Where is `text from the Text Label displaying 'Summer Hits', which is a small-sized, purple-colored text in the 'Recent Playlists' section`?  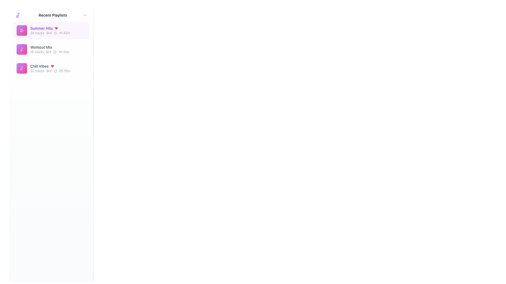
text from the Text Label displaying 'Summer Hits', which is a small-sized, purple-colored text in the 'Recent Playlists' section is located at coordinates (41, 28).